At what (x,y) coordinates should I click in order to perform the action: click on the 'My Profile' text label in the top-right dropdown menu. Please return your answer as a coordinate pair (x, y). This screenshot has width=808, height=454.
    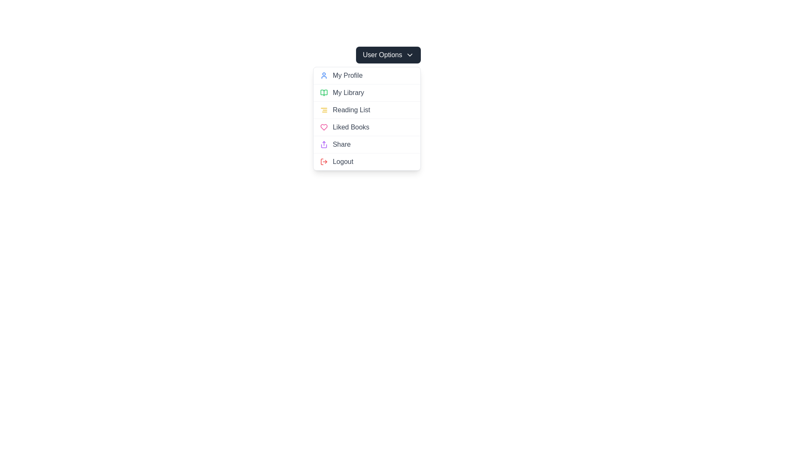
    Looking at the image, I should click on (348, 76).